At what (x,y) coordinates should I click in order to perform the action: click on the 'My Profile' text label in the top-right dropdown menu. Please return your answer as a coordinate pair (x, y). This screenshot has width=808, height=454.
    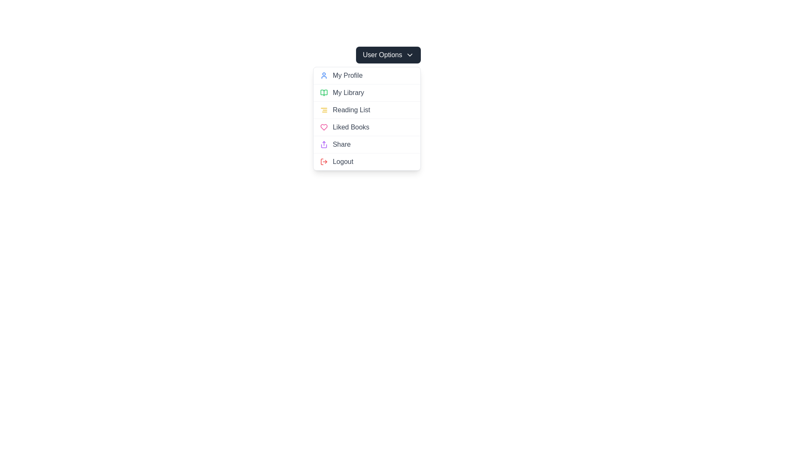
    Looking at the image, I should click on (348, 76).